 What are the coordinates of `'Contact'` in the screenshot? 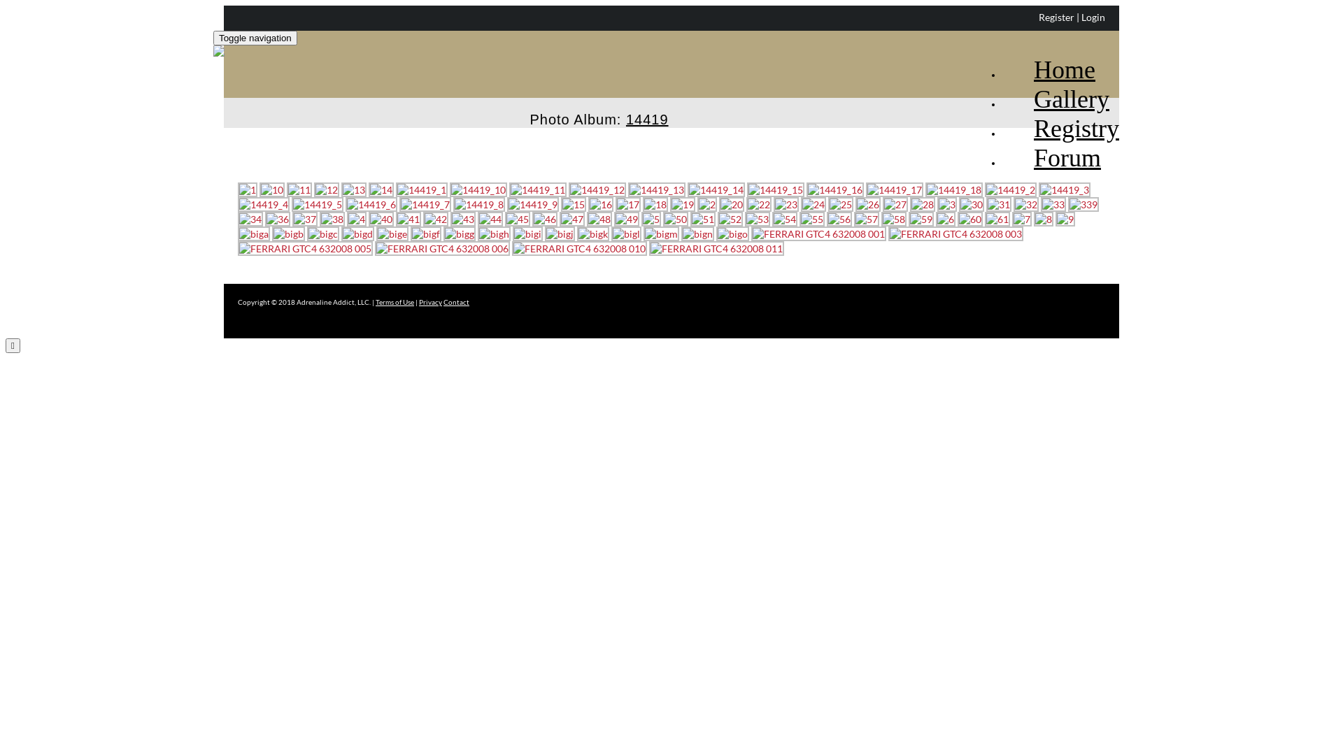 It's located at (442, 301).